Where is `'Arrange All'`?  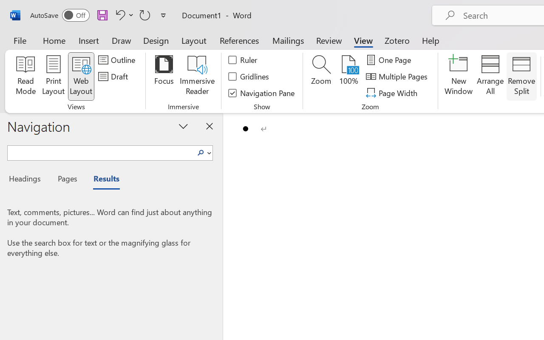
'Arrange All' is located at coordinates (490, 76).